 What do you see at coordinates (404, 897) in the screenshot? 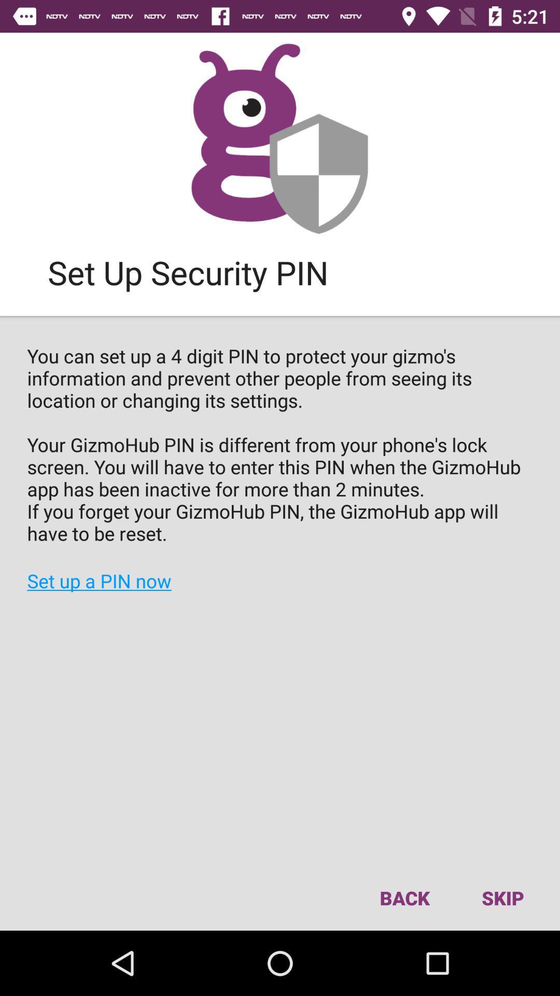
I see `the item next to skip item` at bounding box center [404, 897].